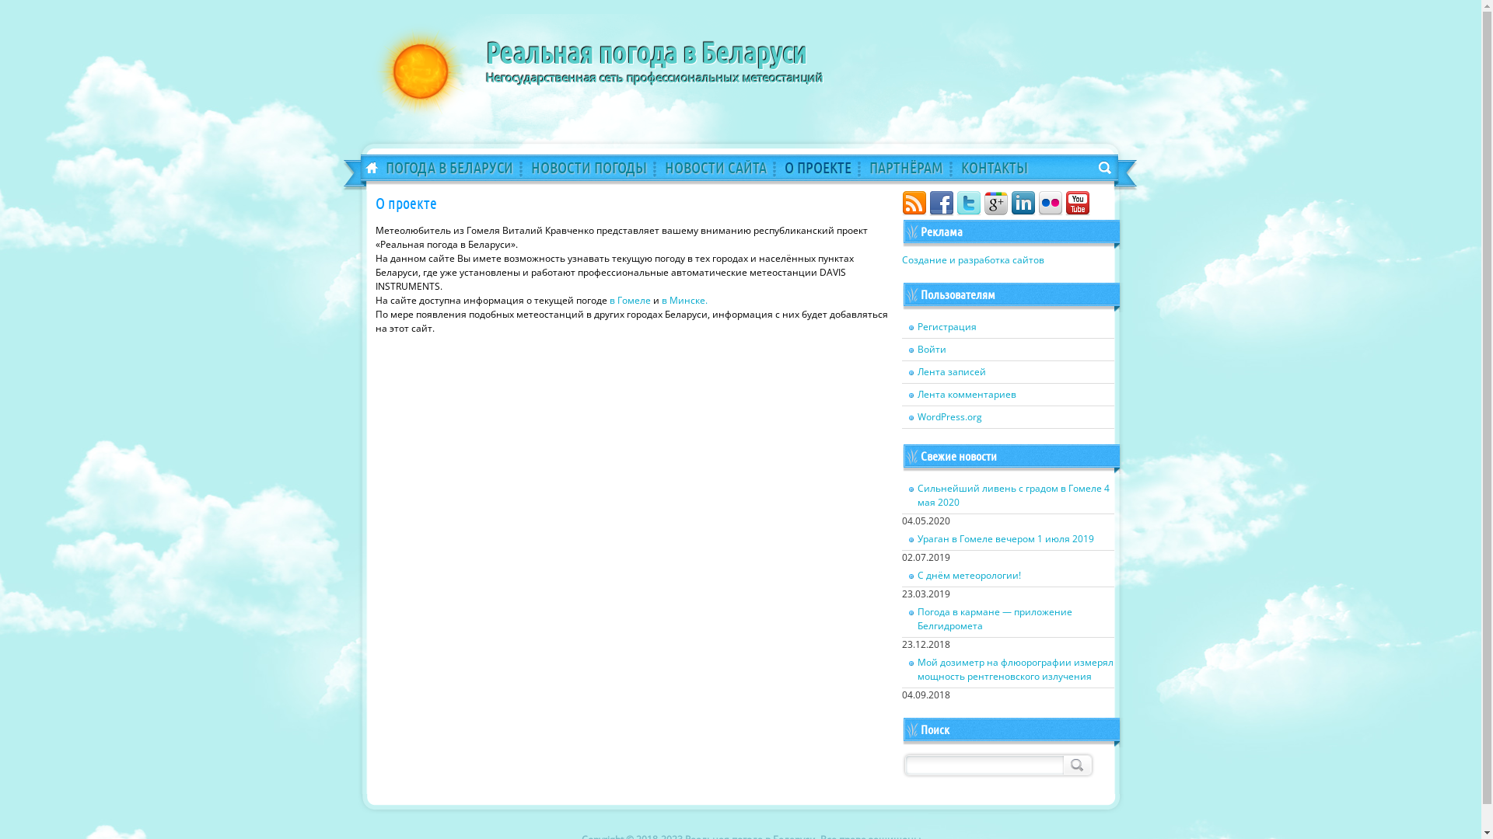  I want to click on 'WordPress.org', so click(1008, 416).